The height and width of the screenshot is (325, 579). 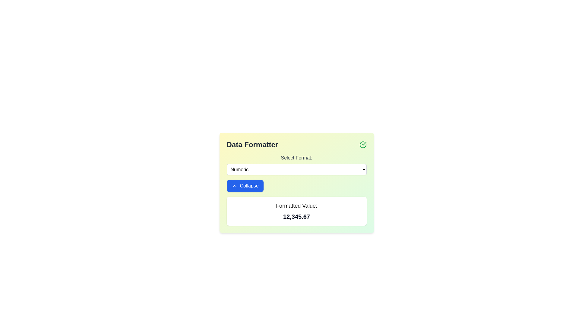 I want to click on an option from the 'Select Format:' Dropdown menu, which currently displays 'Numeric' by default, so click(x=296, y=169).